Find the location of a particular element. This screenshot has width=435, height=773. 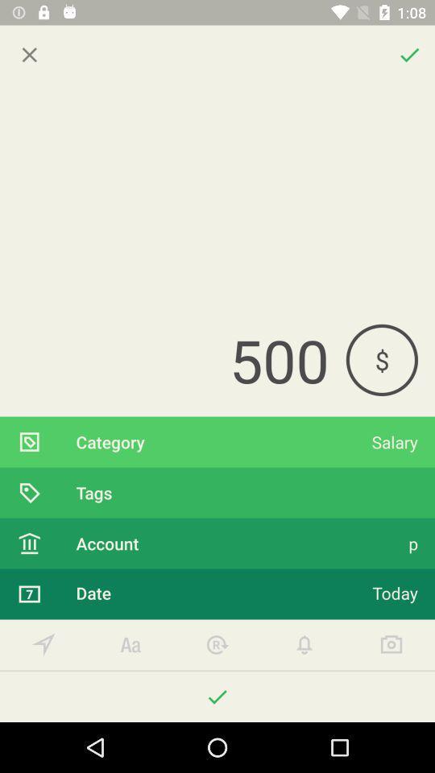

screen rotation lock is located at coordinates (217, 645).